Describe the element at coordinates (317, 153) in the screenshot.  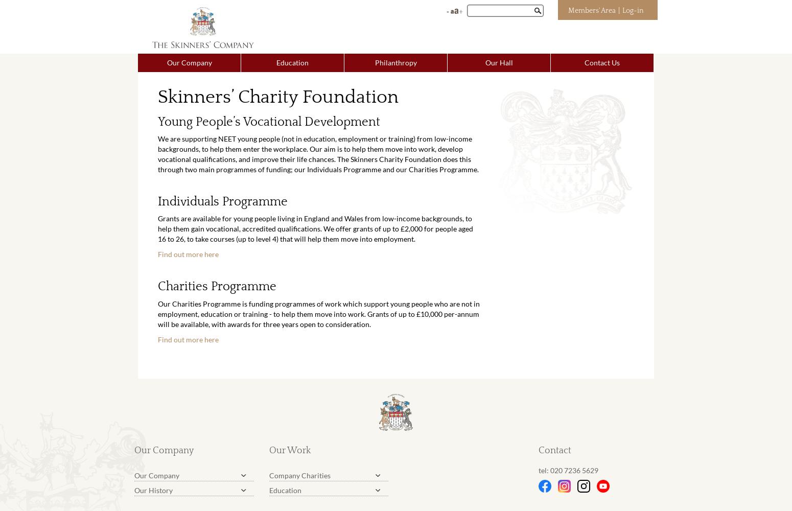
I see `'We are supporting NEET young people (not in education, employment or training) from low-income backgrounds, to help them enter the workplace. Our aim is to help them move into work, develop vocational qualifications, and improve their life chances. The Skinners Charity Foundation does this through two main programmes of funding; our Individuals Programme and our Charities Programme.'` at that location.